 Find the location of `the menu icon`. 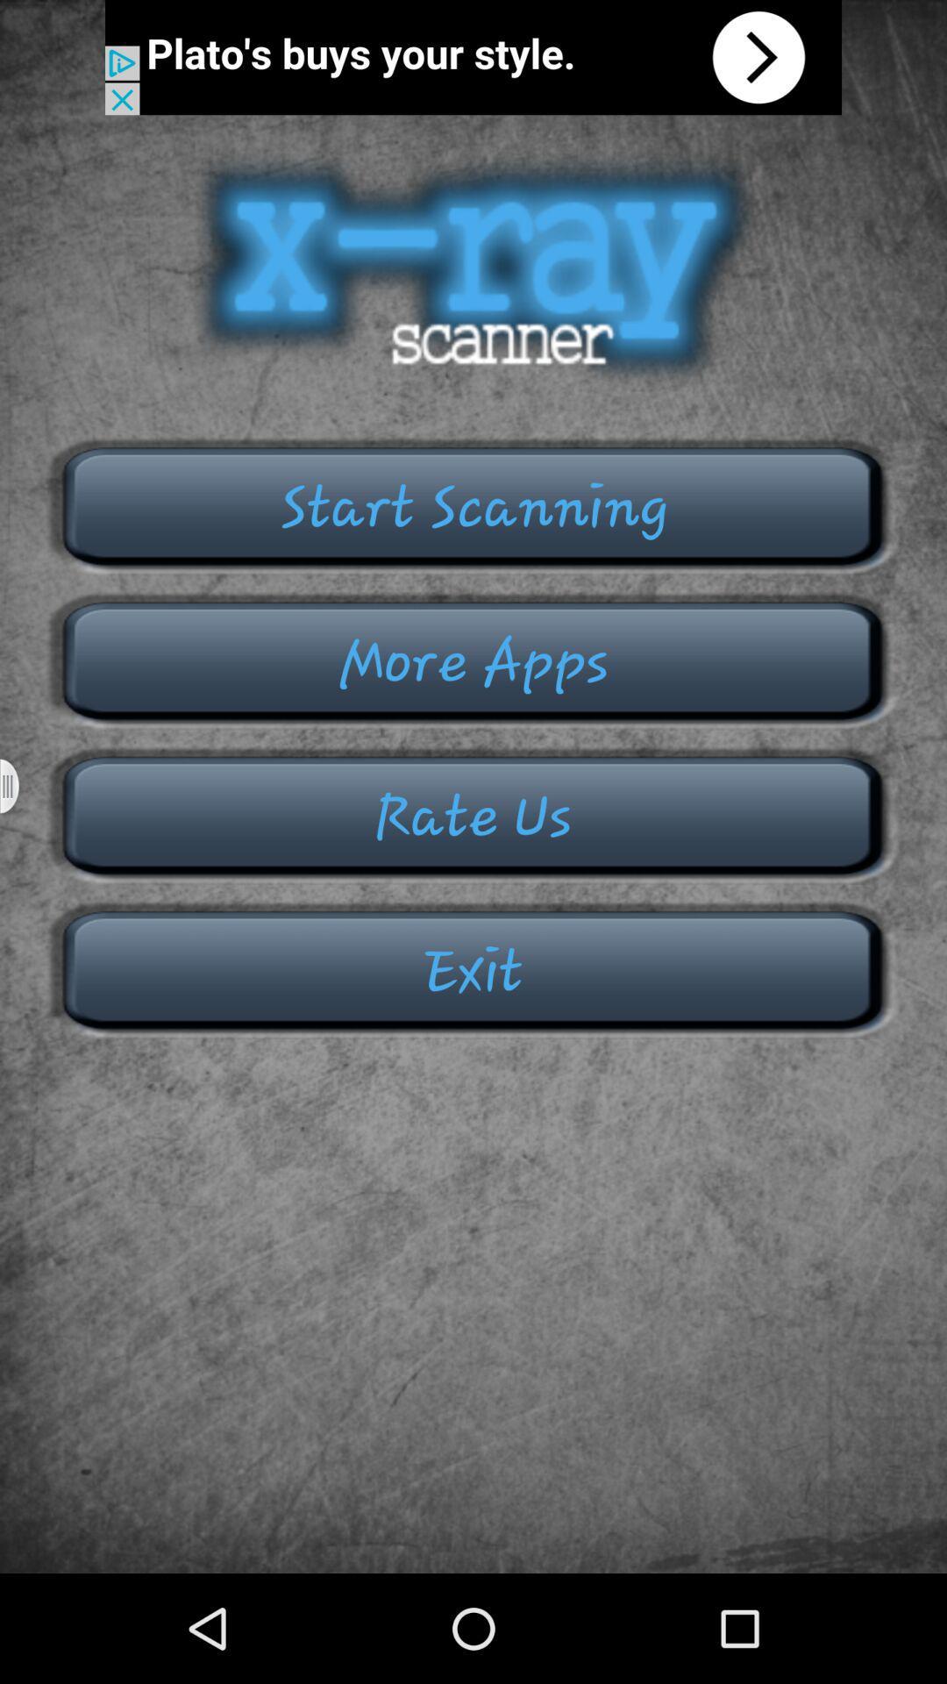

the menu icon is located at coordinates (20, 840).